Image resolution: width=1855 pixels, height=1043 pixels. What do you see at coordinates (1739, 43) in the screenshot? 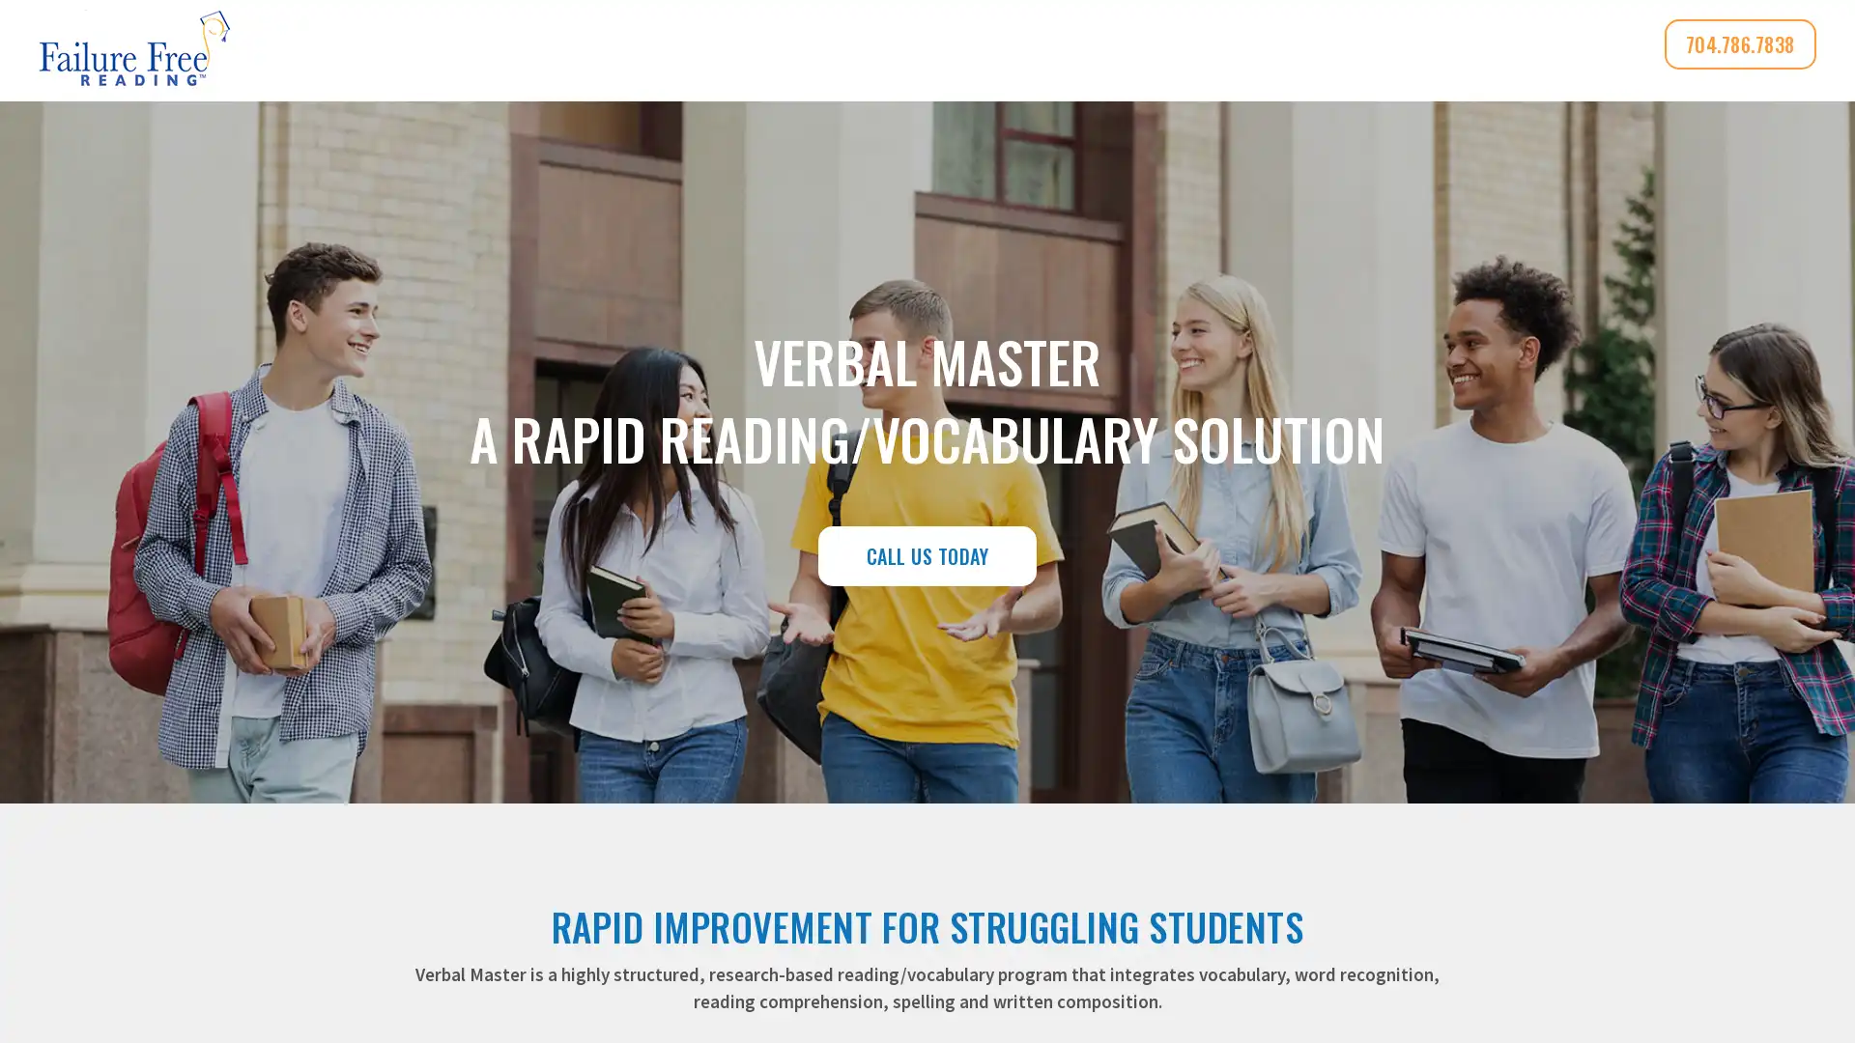
I see `704.786.7838` at bounding box center [1739, 43].